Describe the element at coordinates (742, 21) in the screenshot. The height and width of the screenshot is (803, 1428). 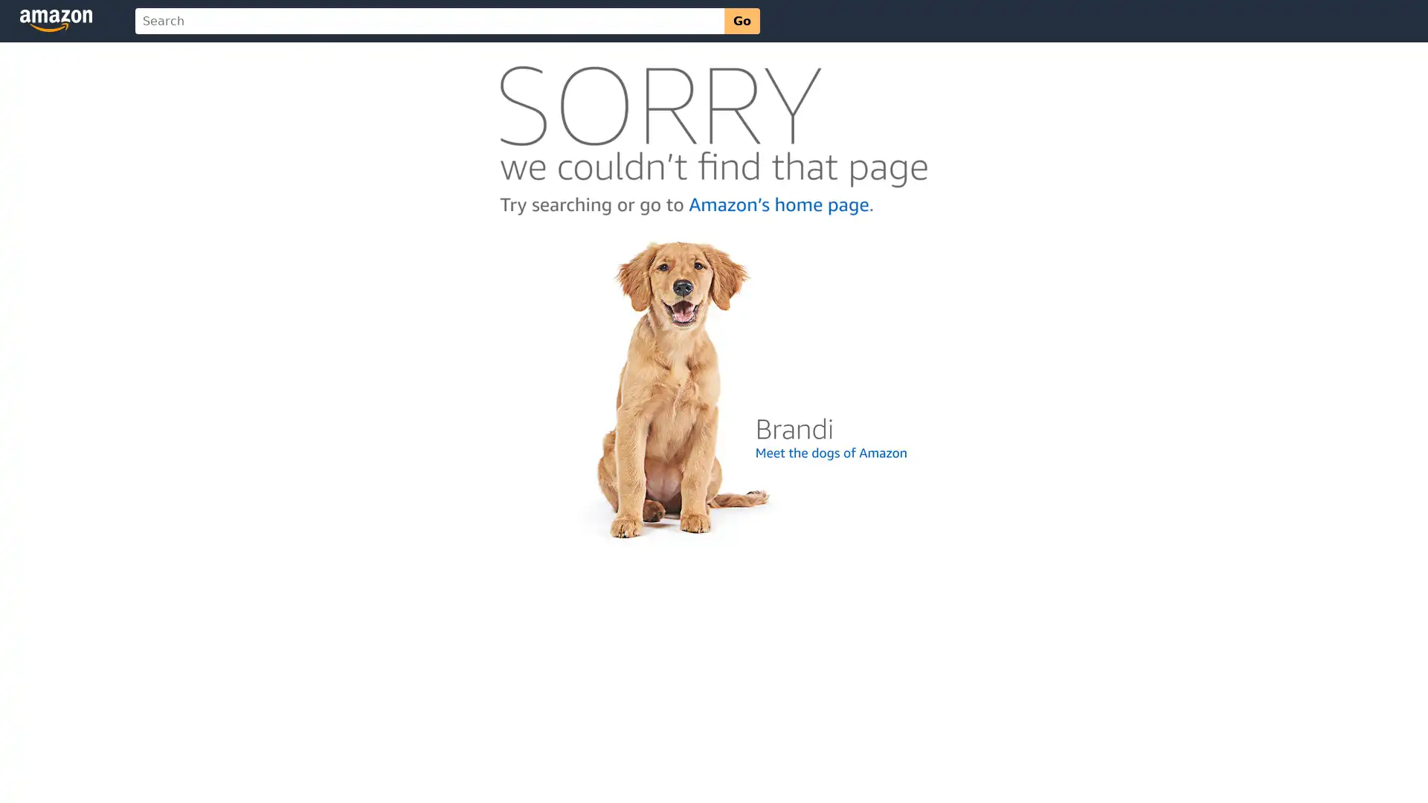
I see `Go` at that location.